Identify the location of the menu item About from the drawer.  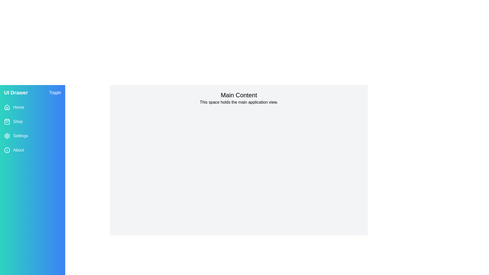
(32, 150).